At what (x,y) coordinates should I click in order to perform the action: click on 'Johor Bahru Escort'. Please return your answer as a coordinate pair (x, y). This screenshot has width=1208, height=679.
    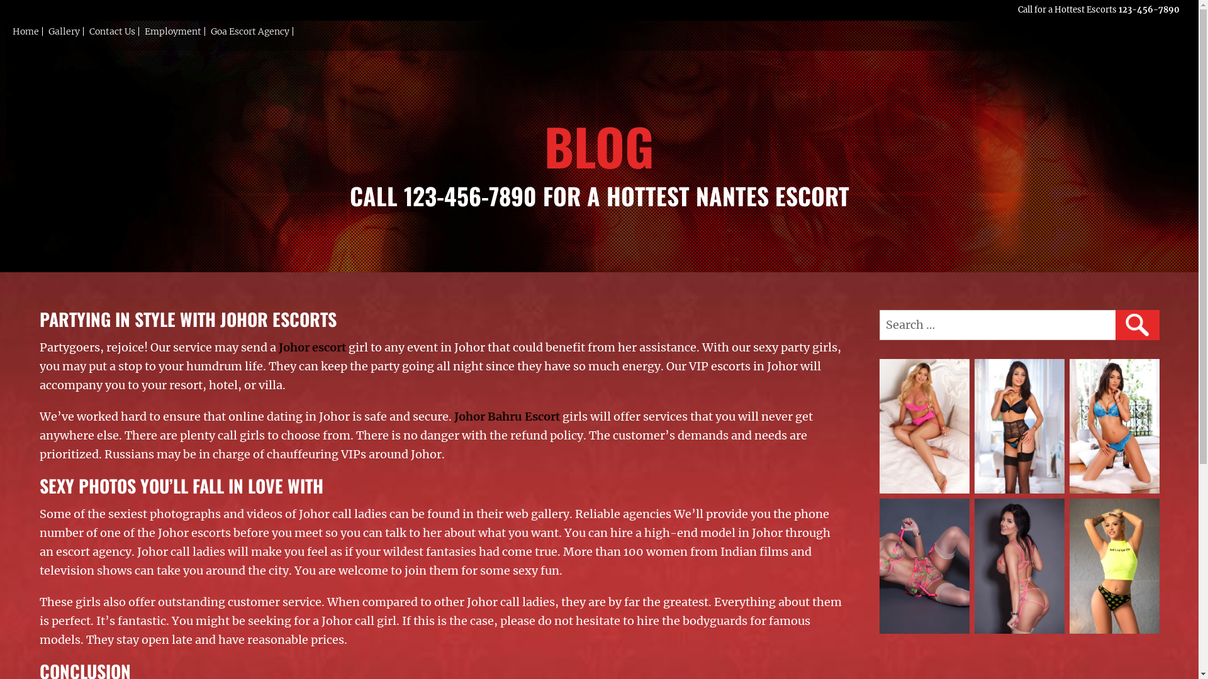
    Looking at the image, I should click on (507, 416).